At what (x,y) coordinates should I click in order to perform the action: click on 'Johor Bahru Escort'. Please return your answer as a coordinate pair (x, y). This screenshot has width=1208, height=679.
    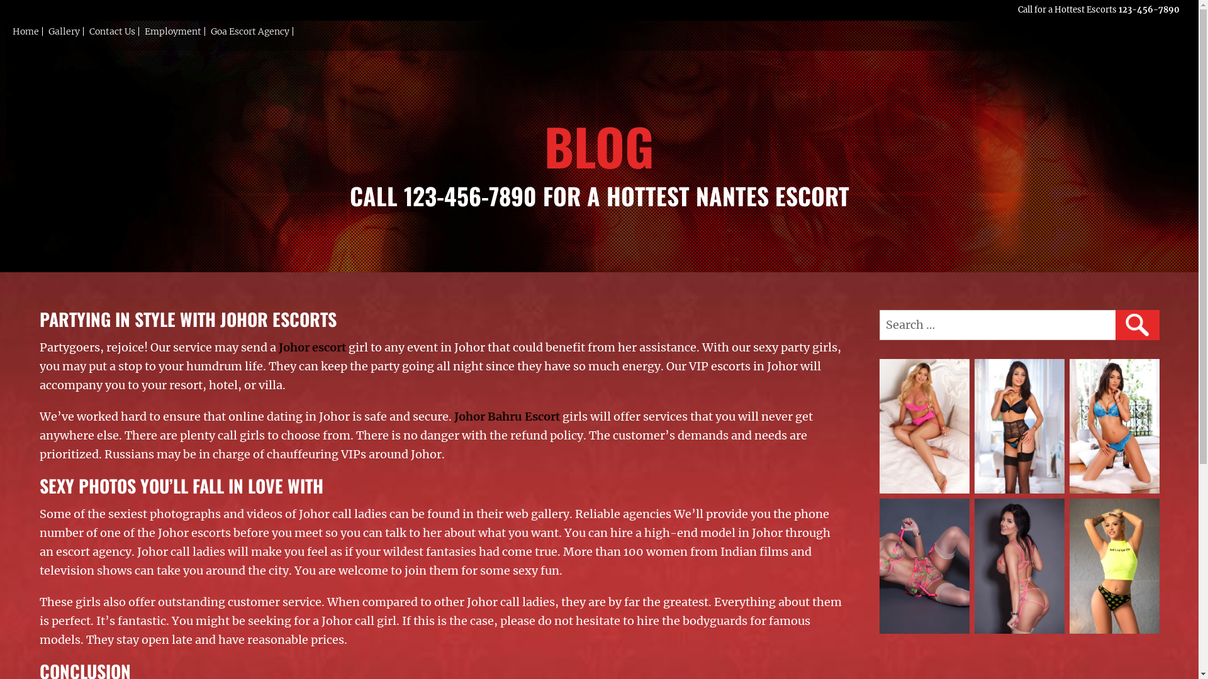
    Looking at the image, I should click on (507, 416).